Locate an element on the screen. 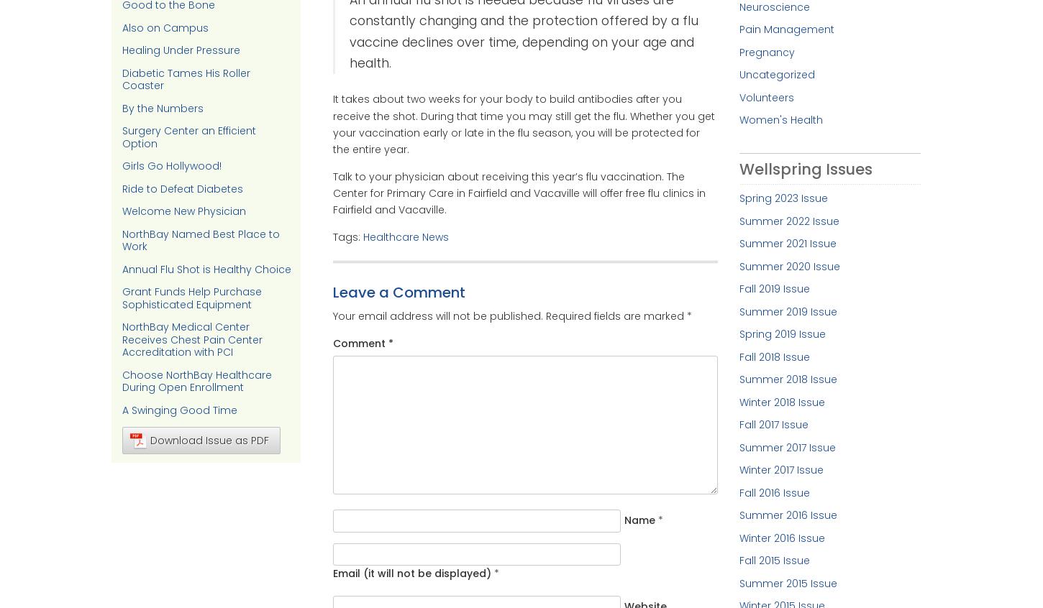 The image size is (1043, 608). 'Summer 2018 Issue' is located at coordinates (739, 379).